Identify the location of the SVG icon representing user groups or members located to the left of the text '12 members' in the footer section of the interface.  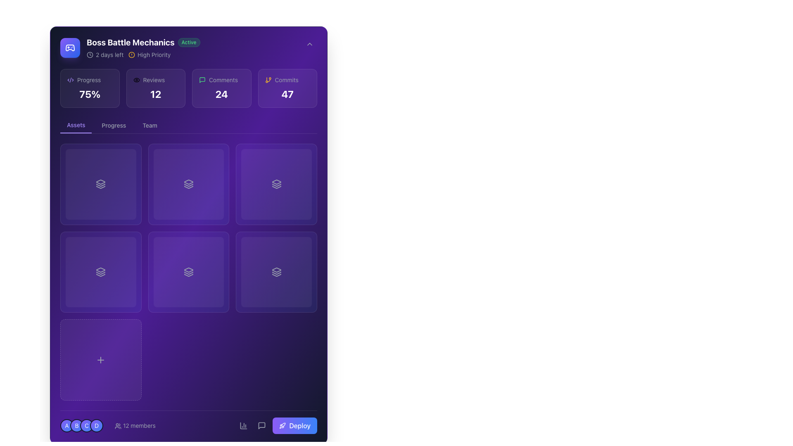
(118, 426).